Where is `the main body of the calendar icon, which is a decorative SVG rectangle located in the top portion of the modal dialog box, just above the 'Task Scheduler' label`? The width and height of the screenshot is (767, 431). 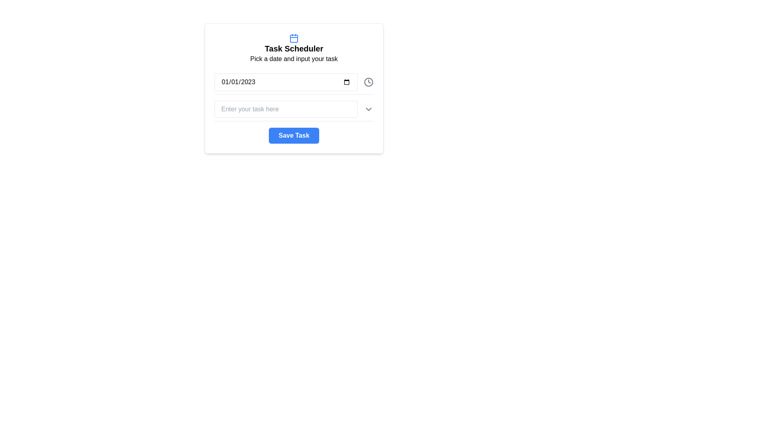 the main body of the calendar icon, which is a decorative SVG rectangle located in the top portion of the modal dialog box, just above the 'Task Scheduler' label is located at coordinates (293, 38).